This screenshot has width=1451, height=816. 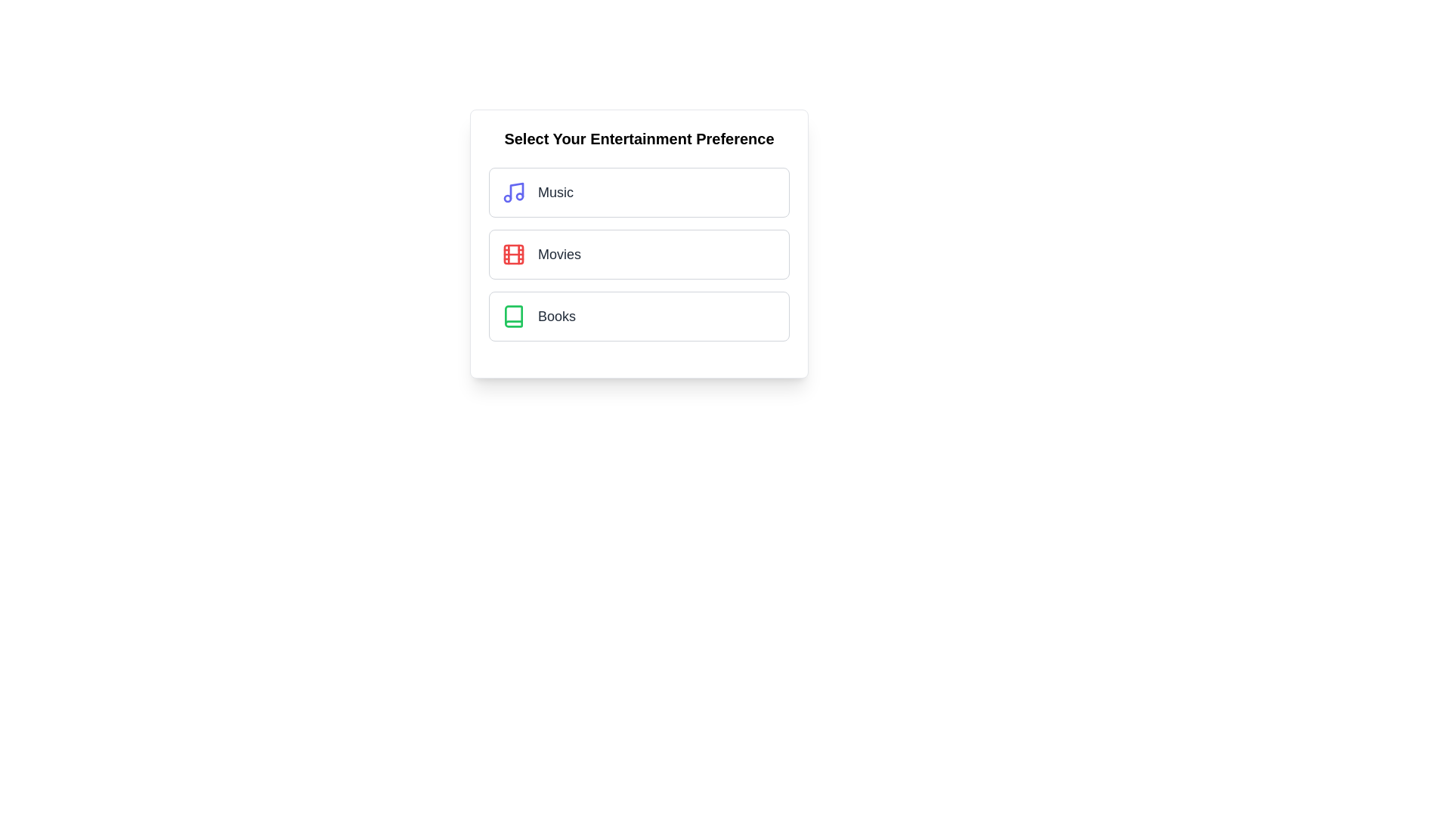 What do you see at coordinates (514, 253) in the screenshot?
I see `the 'Movies' icon located to the left of the 'Movies' text in the 'Select Your Entertainment Preference' list, which is the second item between 'Music' and 'Books'` at bounding box center [514, 253].